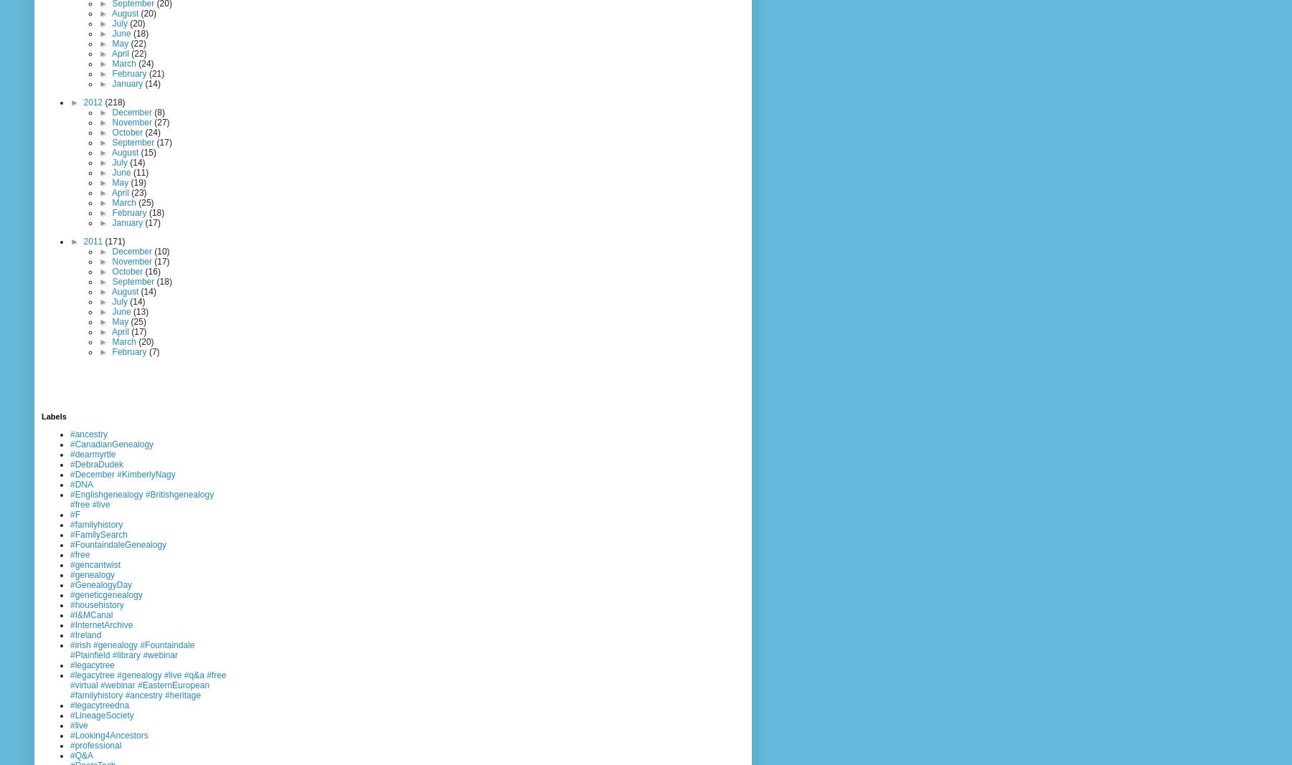 The height and width of the screenshot is (765, 1292). I want to click on '(7)', so click(153, 350).